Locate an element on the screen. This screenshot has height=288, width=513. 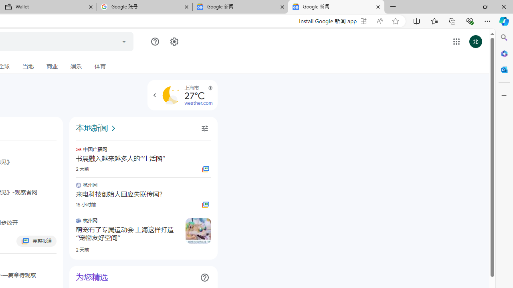
'Class: zRMMZb NMm5M' is located at coordinates (210, 88).